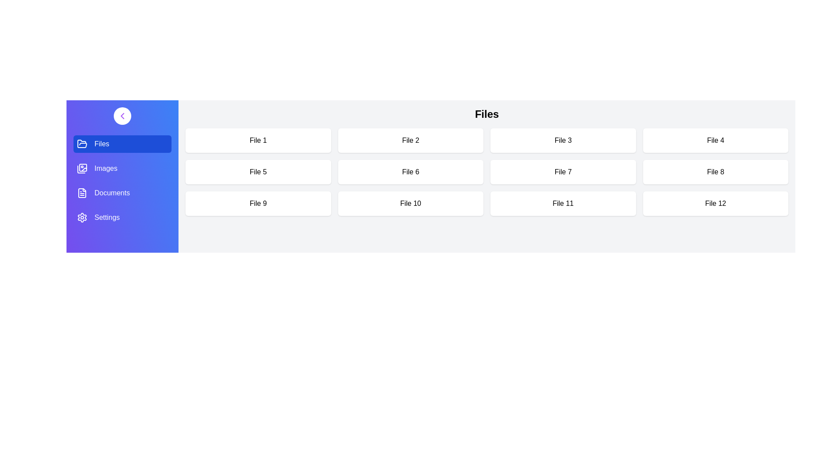  Describe the element at coordinates (122, 192) in the screenshot. I see `the category Documents from the sidebar menu` at that location.